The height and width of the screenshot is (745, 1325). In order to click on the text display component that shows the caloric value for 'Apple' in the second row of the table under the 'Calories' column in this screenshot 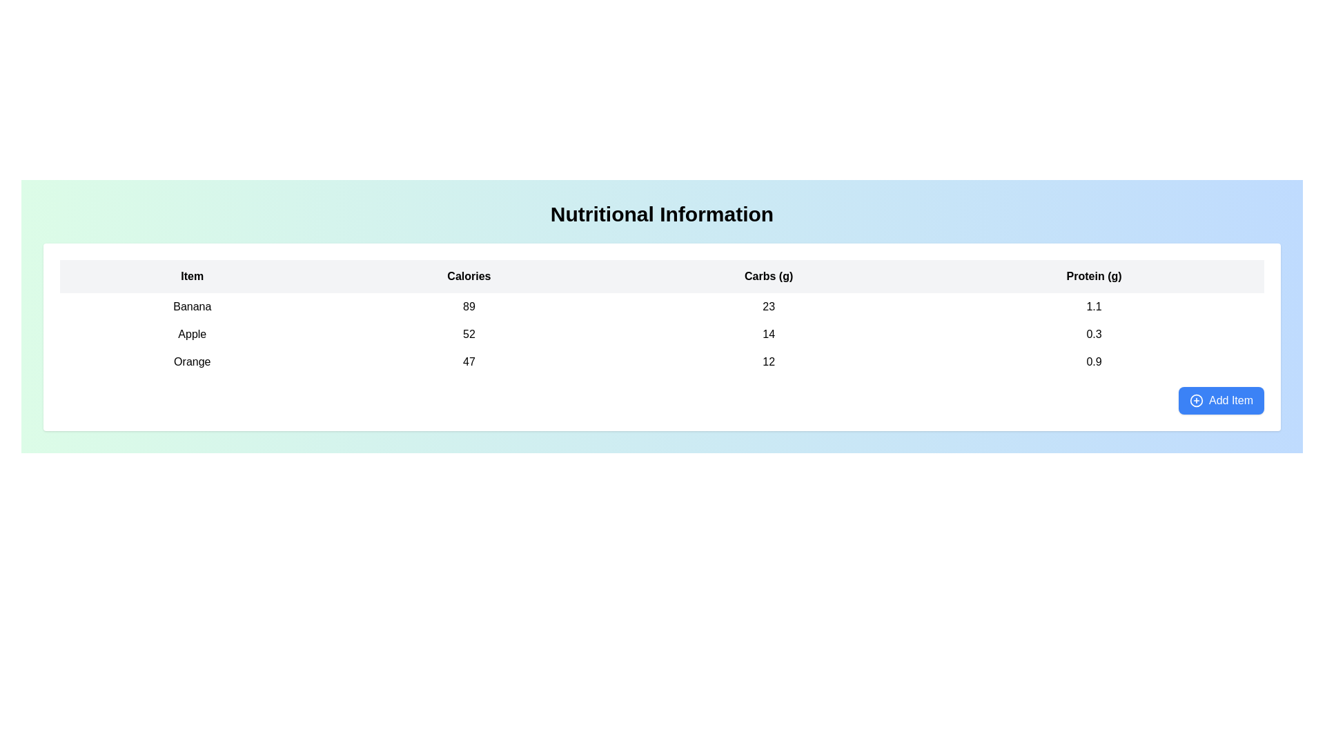, I will do `click(469, 335)`.